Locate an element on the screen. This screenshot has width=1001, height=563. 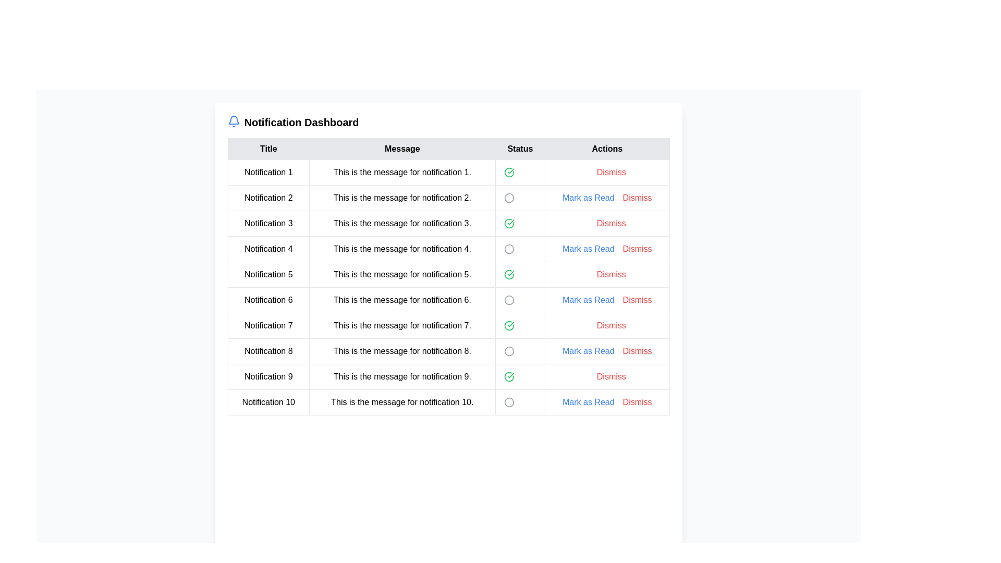
the Text block displaying the message for 'Notification 1' located in the 'Message' column of the notification table is located at coordinates (401, 172).